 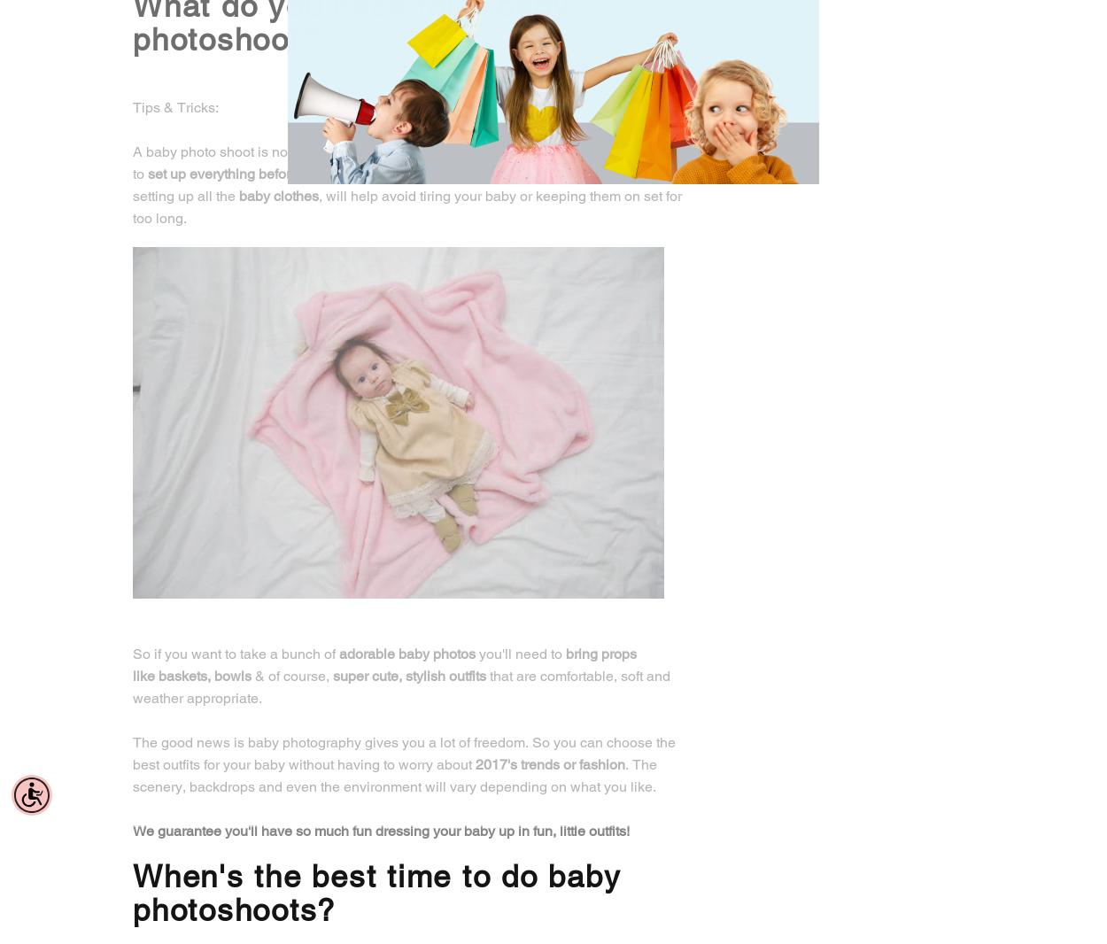 What do you see at coordinates (381, 831) in the screenshot?
I see `'We guarantee you'll have so much fun dressing your baby up in fun, little outfits!'` at bounding box center [381, 831].